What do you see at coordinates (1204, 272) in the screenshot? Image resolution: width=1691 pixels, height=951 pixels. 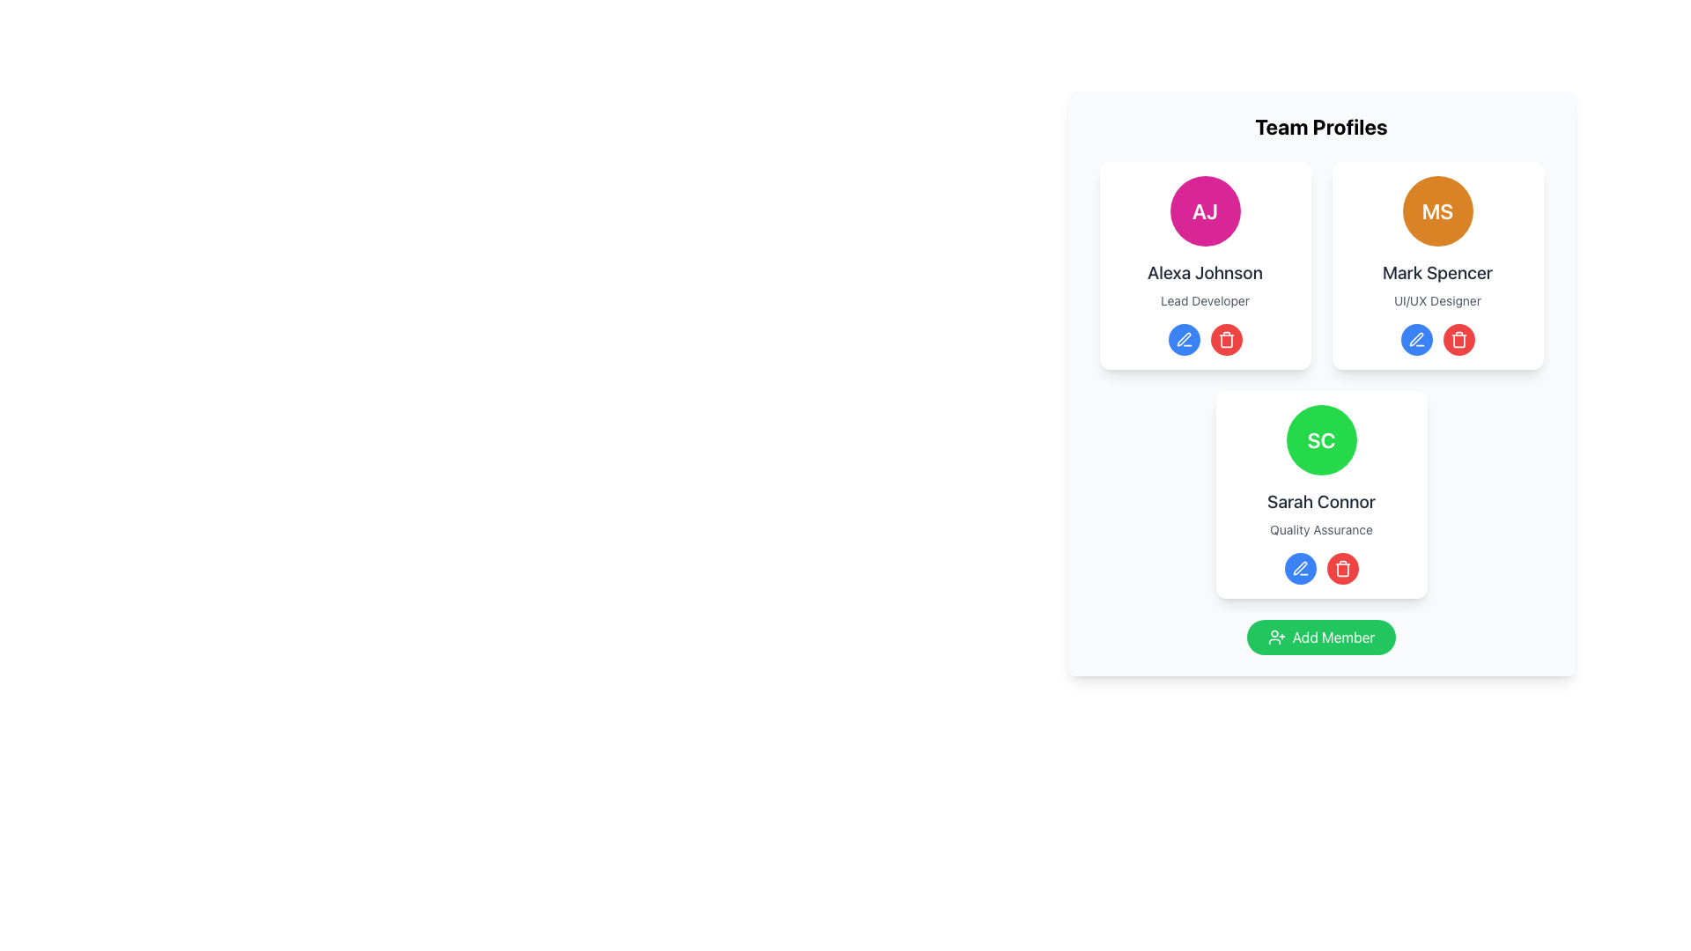 I see `text label displaying the name 'Alexa Johnson' located centrally within the first profile card on the 'Team Profiles' grid, positioned beneath the badge 'AJ' and above the role description 'Lead Developer'` at bounding box center [1204, 272].